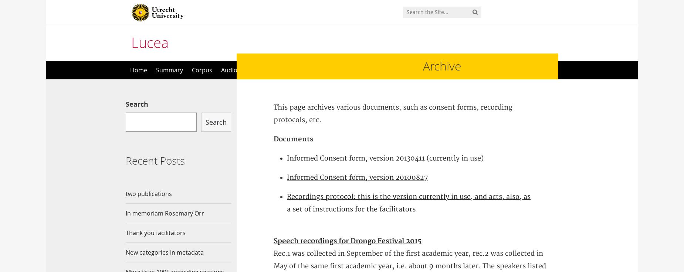 This screenshot has width=684, height=272. I want to click on 'Informed Consent form, version 20100827', so click(357, 178).